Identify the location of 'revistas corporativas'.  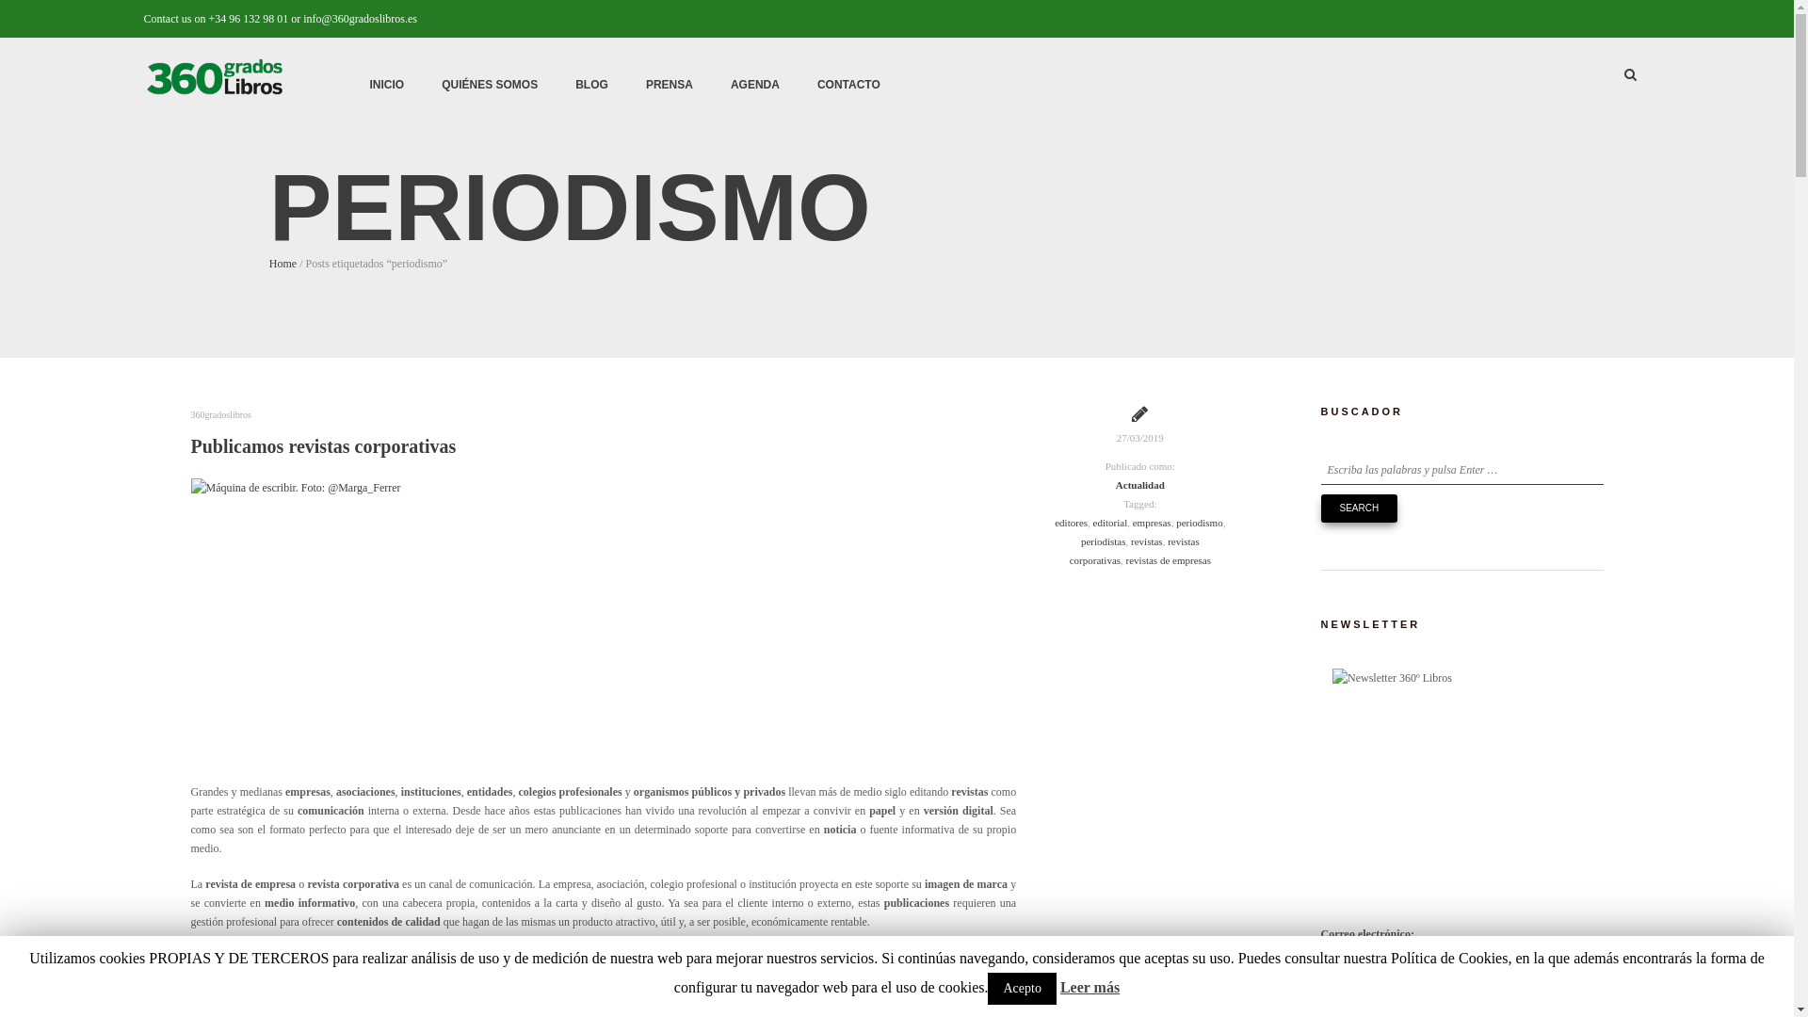
(1133, 551).